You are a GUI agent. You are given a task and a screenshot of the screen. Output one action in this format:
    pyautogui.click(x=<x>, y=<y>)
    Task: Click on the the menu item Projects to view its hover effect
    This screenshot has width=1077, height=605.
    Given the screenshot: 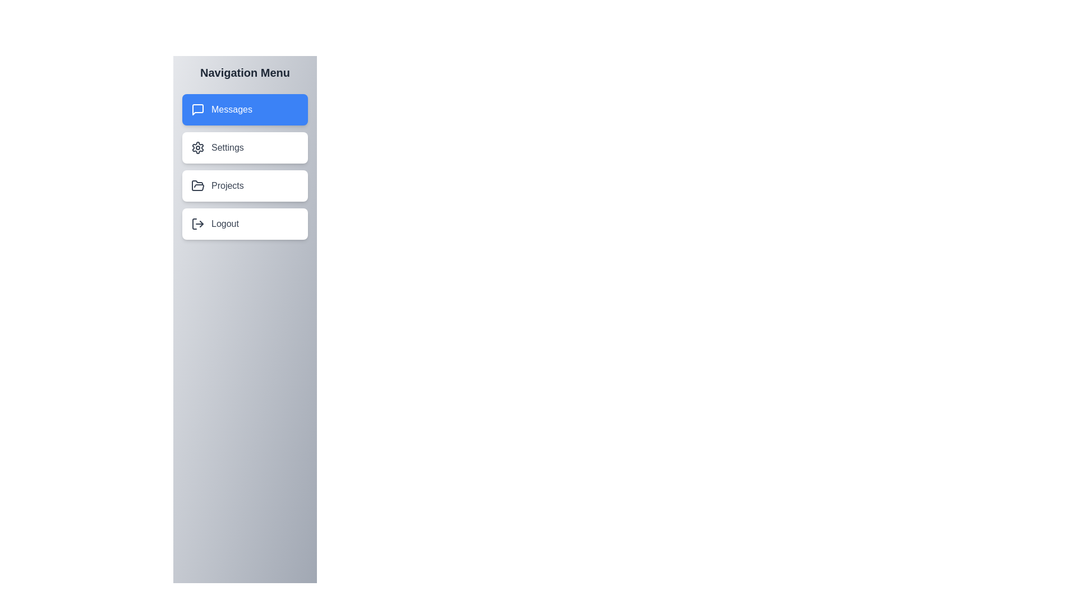 What is the action you would take?
    pyautogui.click(x=244, y=185)
    